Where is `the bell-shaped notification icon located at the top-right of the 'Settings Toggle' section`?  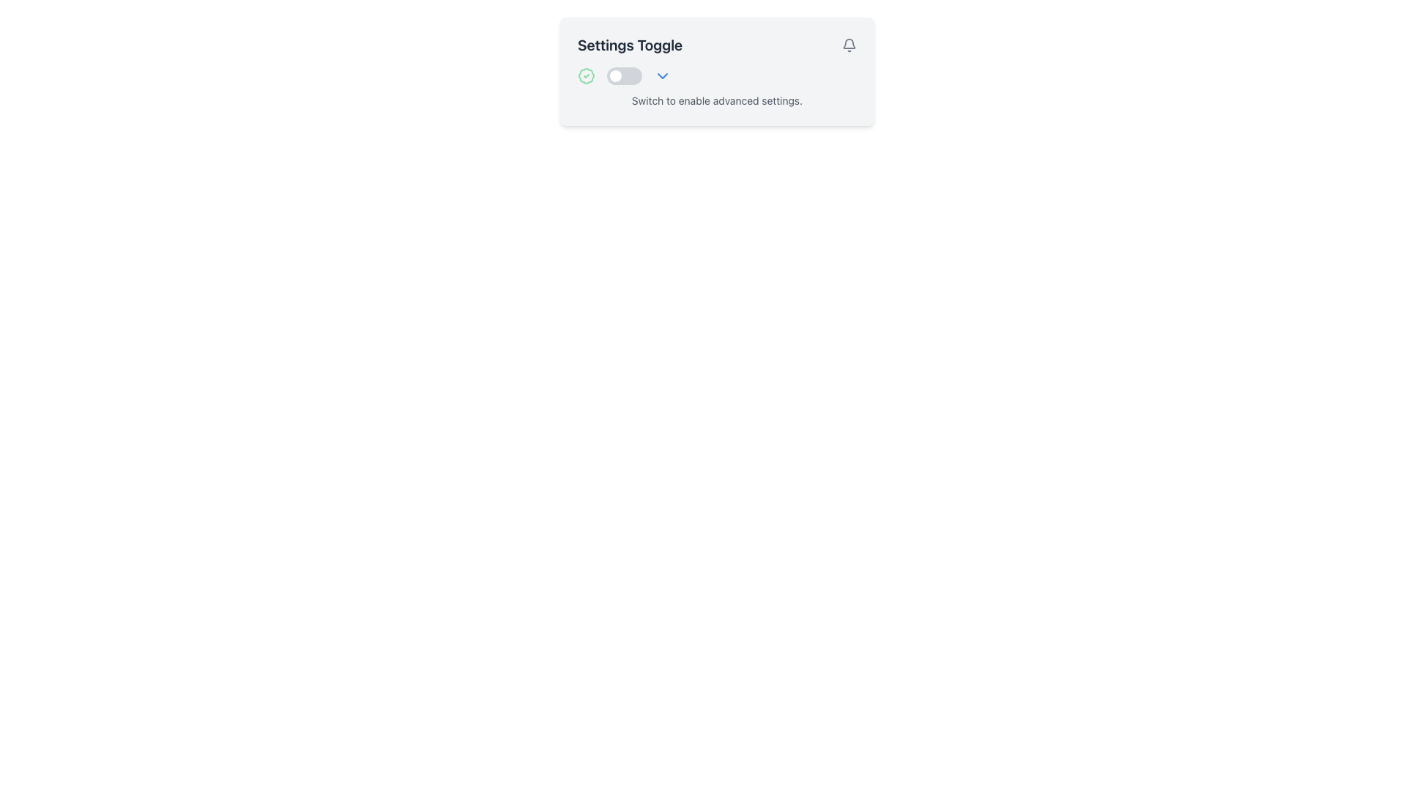 the bell-shaped notification icon located at the top-right of the 'Settings Toggle' section is located at coordinates (849, 44).